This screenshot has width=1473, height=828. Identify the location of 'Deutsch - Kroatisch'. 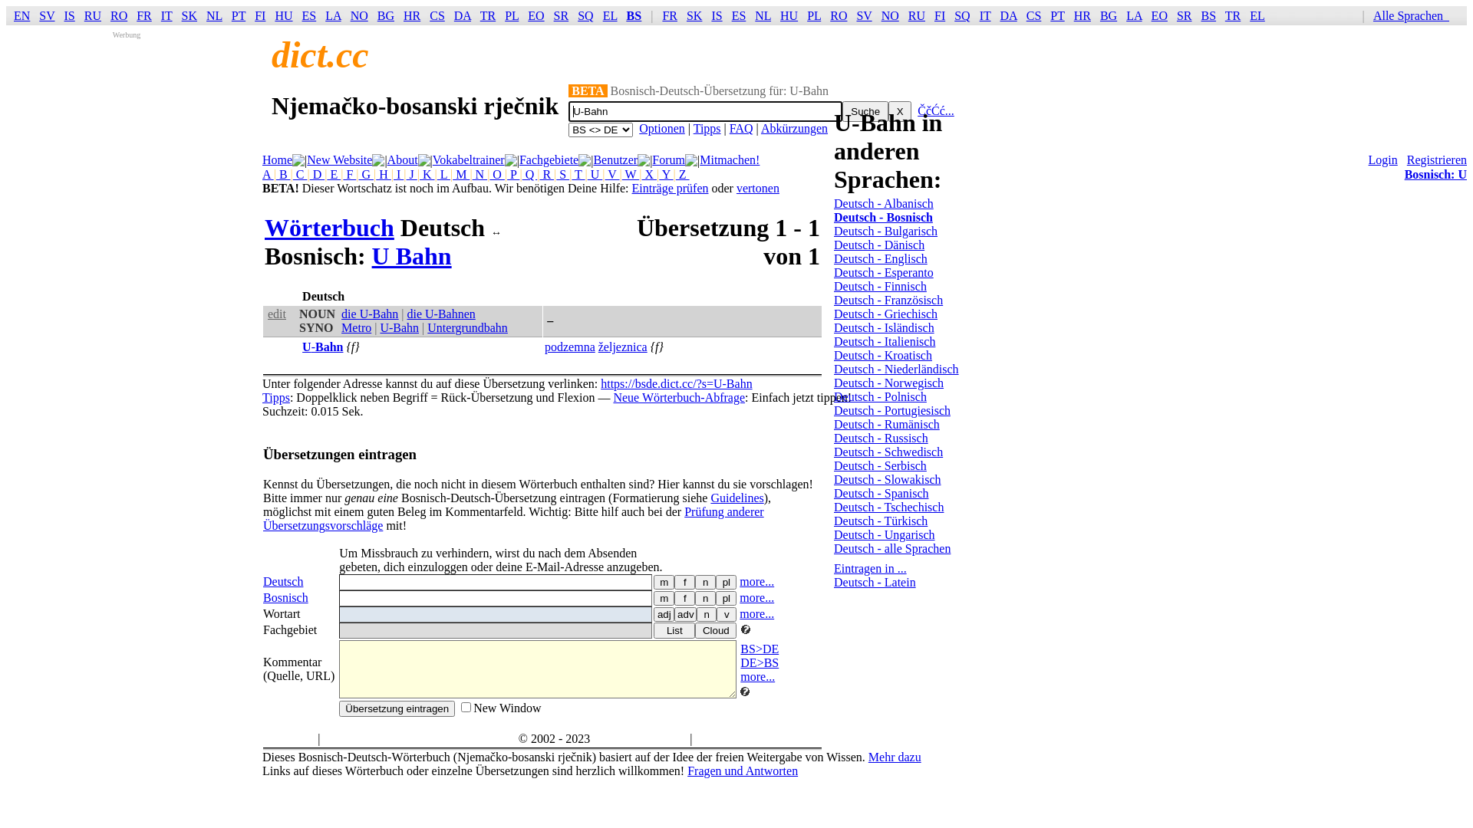
(883, 355).